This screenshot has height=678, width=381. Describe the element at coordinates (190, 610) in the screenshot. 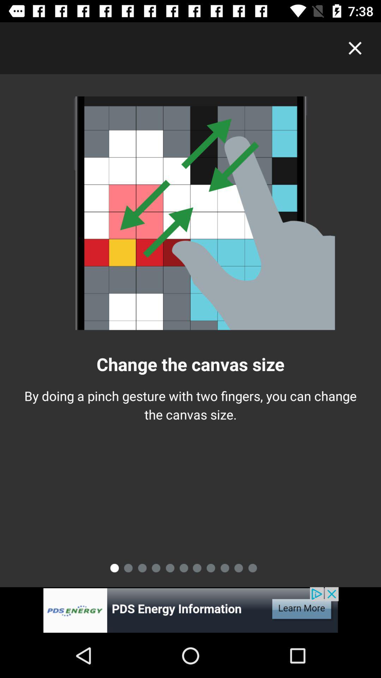

I see `visit advertisement` at that location.